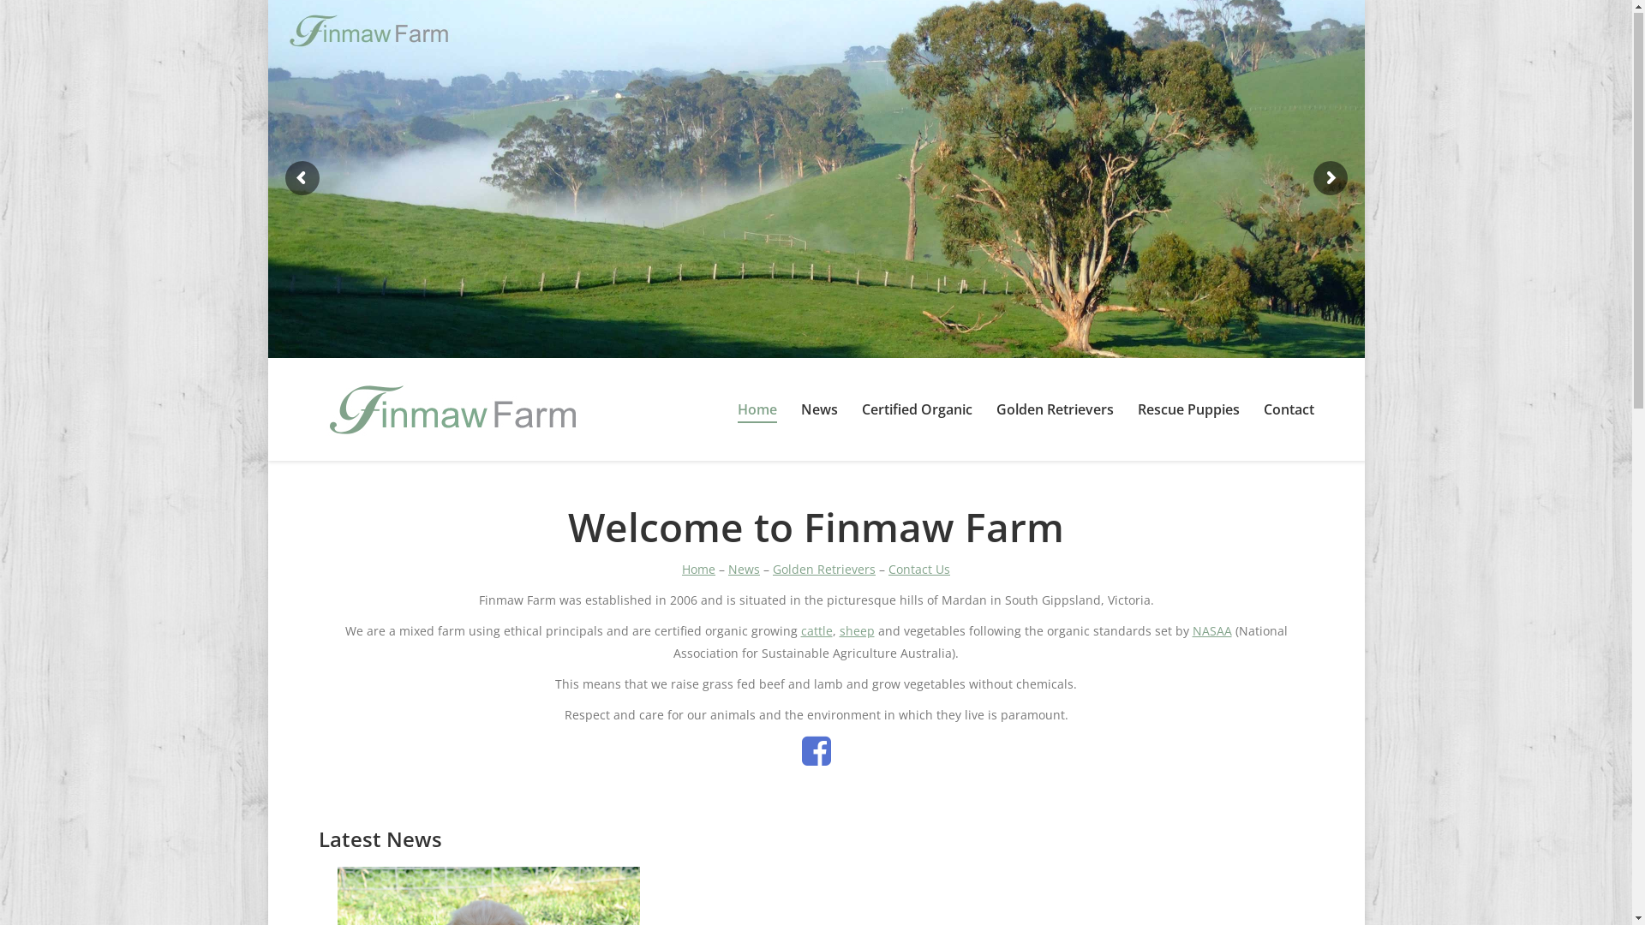  I want to click on 'Contact Us', so click(888, 570).